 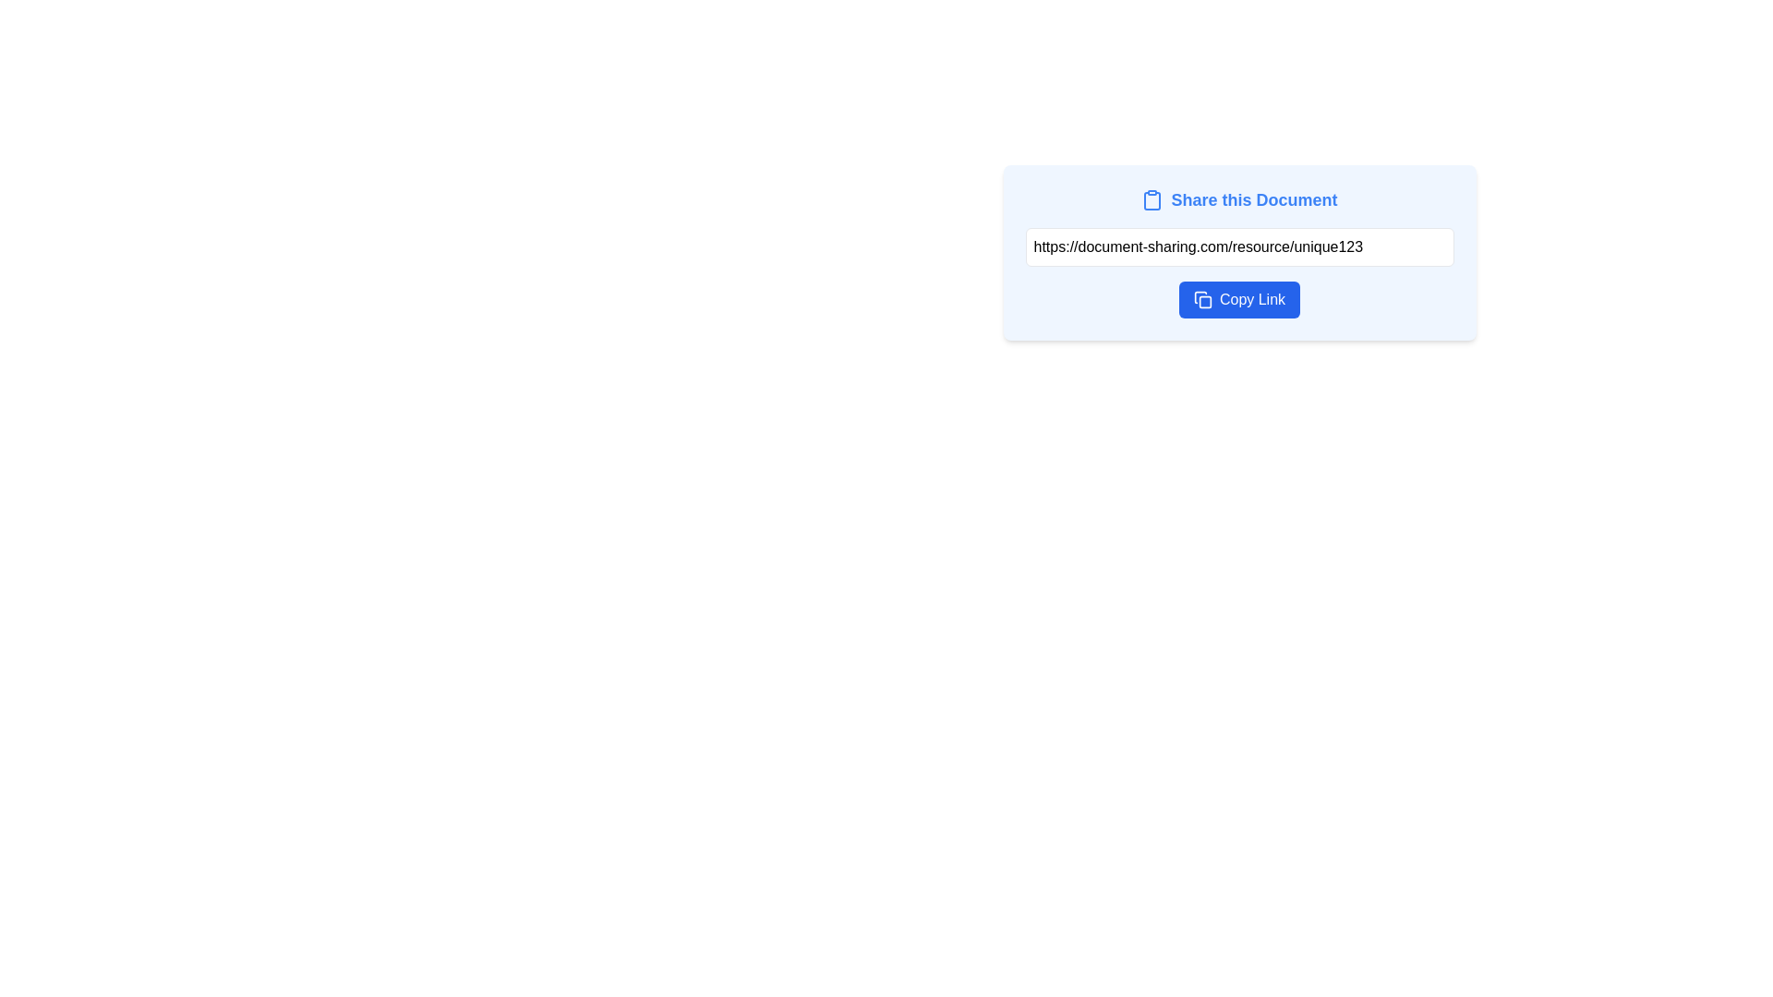 What do you see at coordinates (1205, 301) in the screenshot?
I see `the iconographic component of the 'Copy Link' button` at bounding box center [1205, 301].